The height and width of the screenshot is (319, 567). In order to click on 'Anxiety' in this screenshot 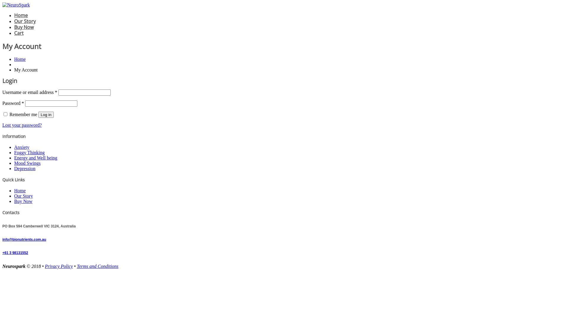, I will do `click(22, 147)`.